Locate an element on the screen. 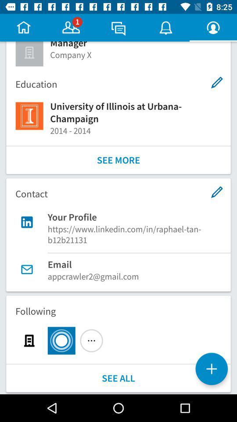  the item below following is located at coordinates (211, 369).